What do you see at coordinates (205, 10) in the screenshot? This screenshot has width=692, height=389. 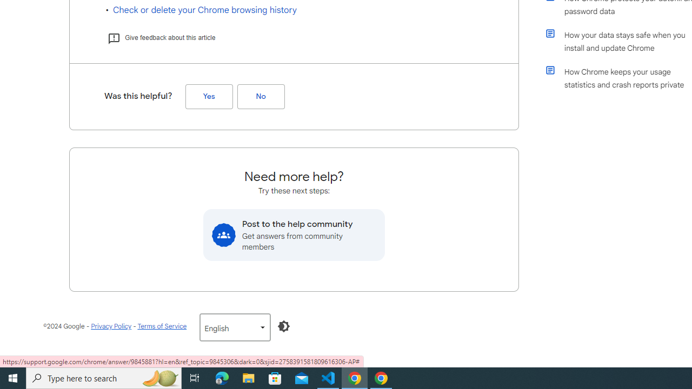 I see `'Check or delete your Chrome browsing history'` at bounding box center [205, 10].